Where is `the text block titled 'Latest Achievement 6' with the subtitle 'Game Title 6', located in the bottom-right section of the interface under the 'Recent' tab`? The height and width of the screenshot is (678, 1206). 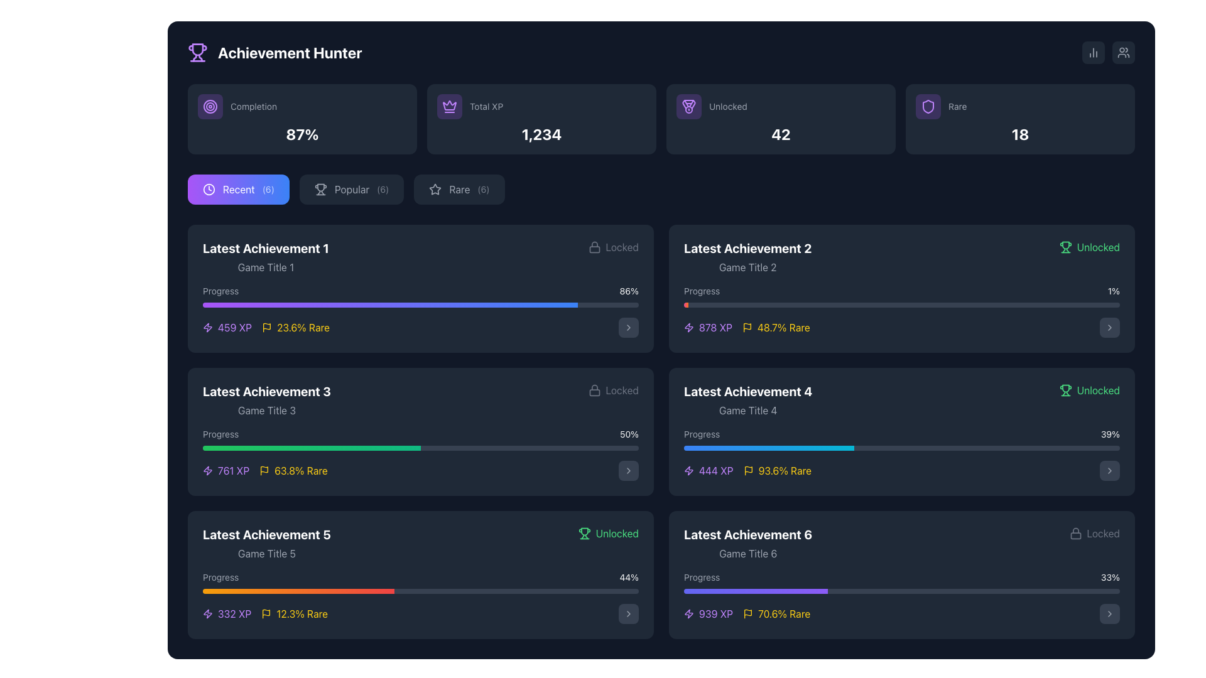
the text block titled 'Latest Achievement 6' with the subtitle 'Game Title 6', located in the bottom-right section of the interface under the 'Recent' tab is located at coordinates (748, 543).